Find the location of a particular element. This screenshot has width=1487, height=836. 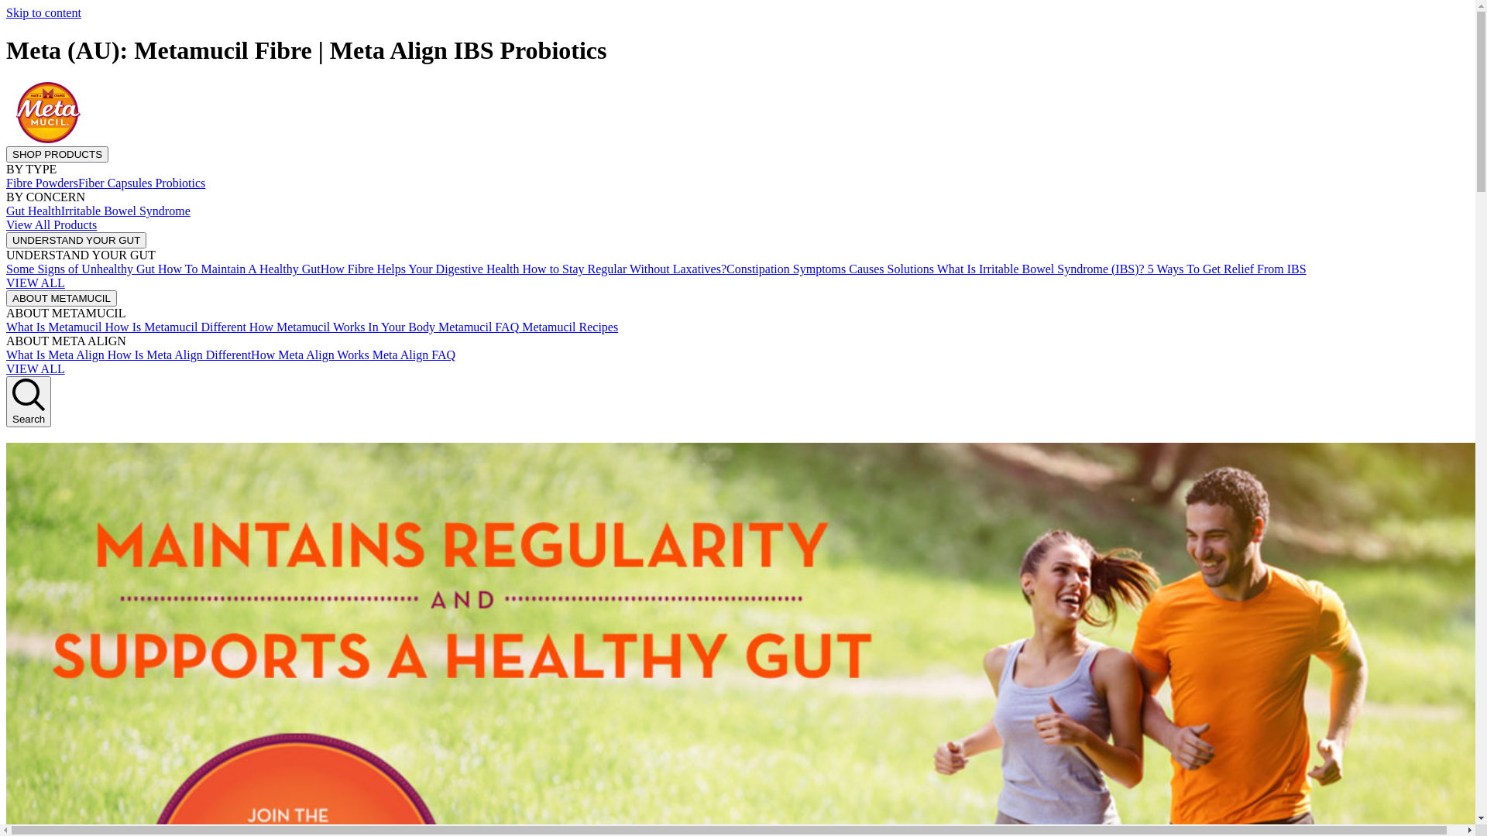

'How Metamucil Works In Your Body' is located at coordinates (245, 326).